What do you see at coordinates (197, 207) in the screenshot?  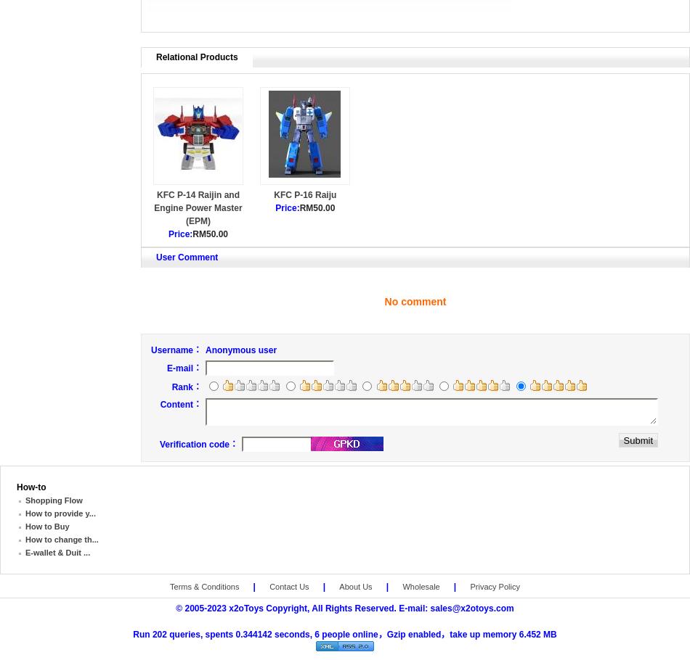 I see `'KFC P-14 Raijin and Engine Power Master (EPM)'` at bounding box center [197, 207].